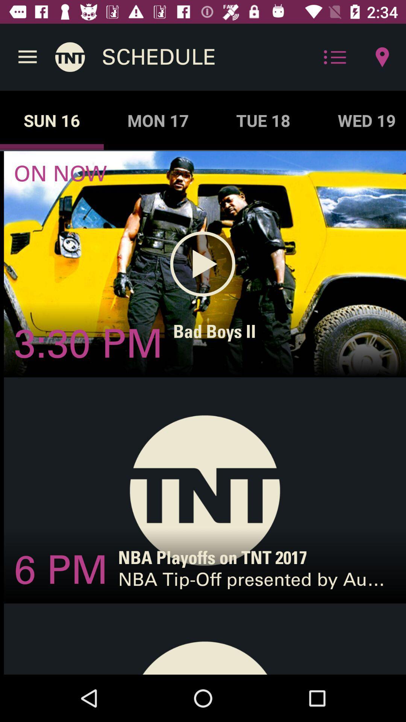 The height and width of the screenshot is (722, 406). I want to click on tue 18 on the right side of mon 17, so click(263, 120).